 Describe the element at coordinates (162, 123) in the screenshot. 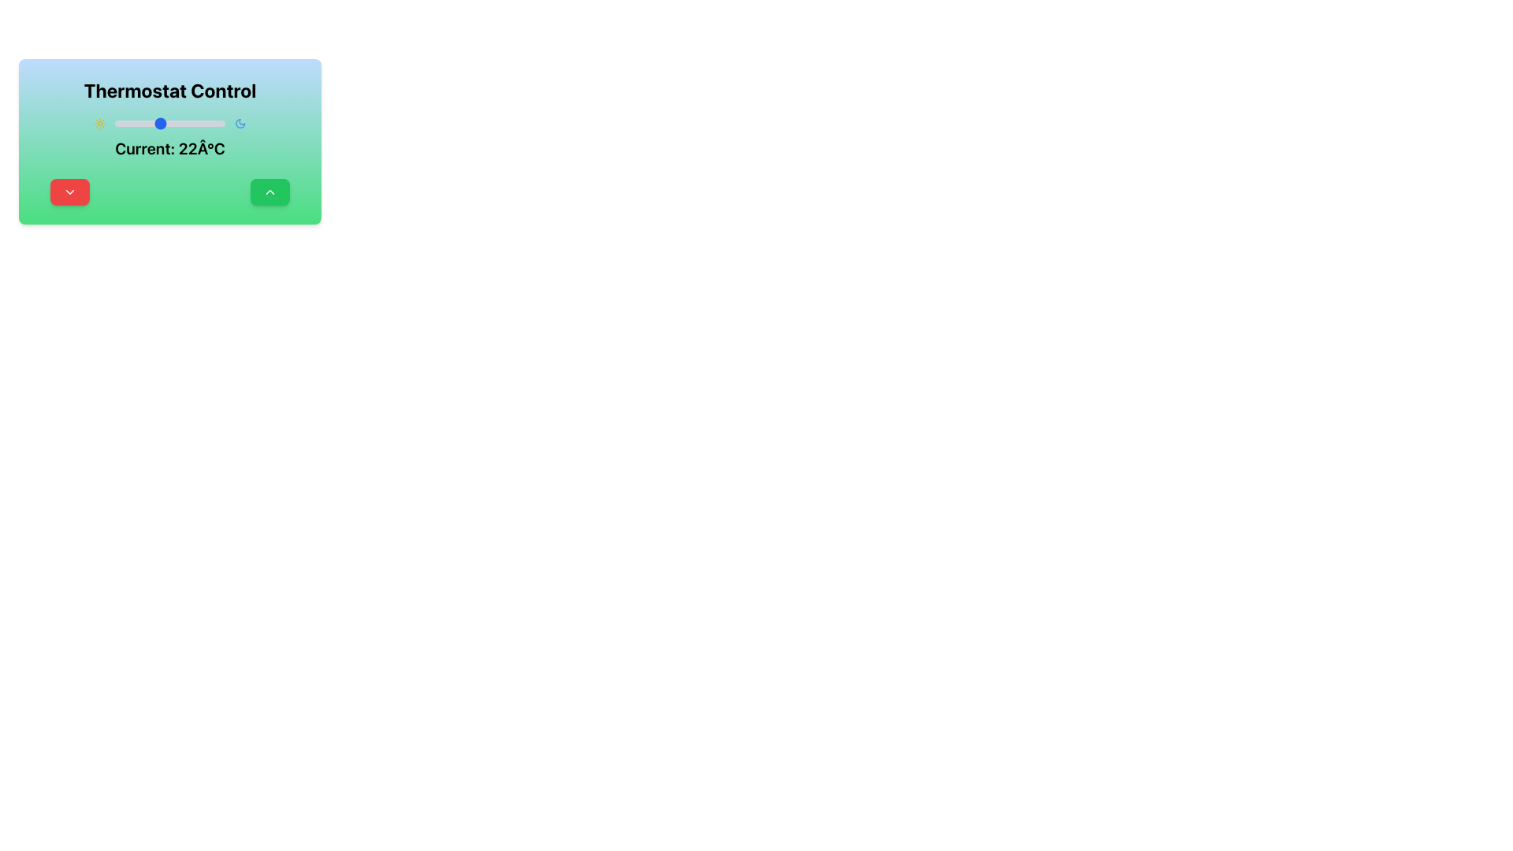

I see `thermostat temperature` at that location.